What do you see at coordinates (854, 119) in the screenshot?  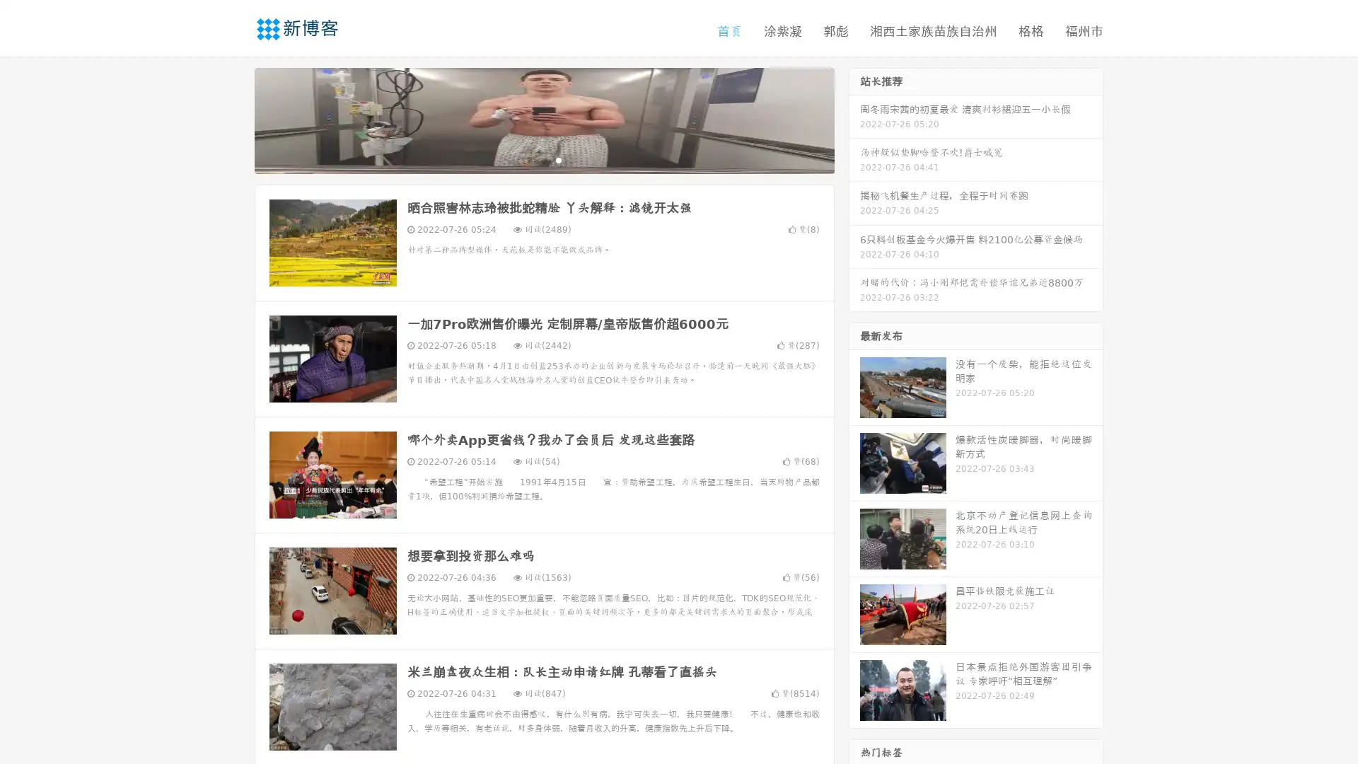 I see `Next slide` at bounding box center [854, 119].